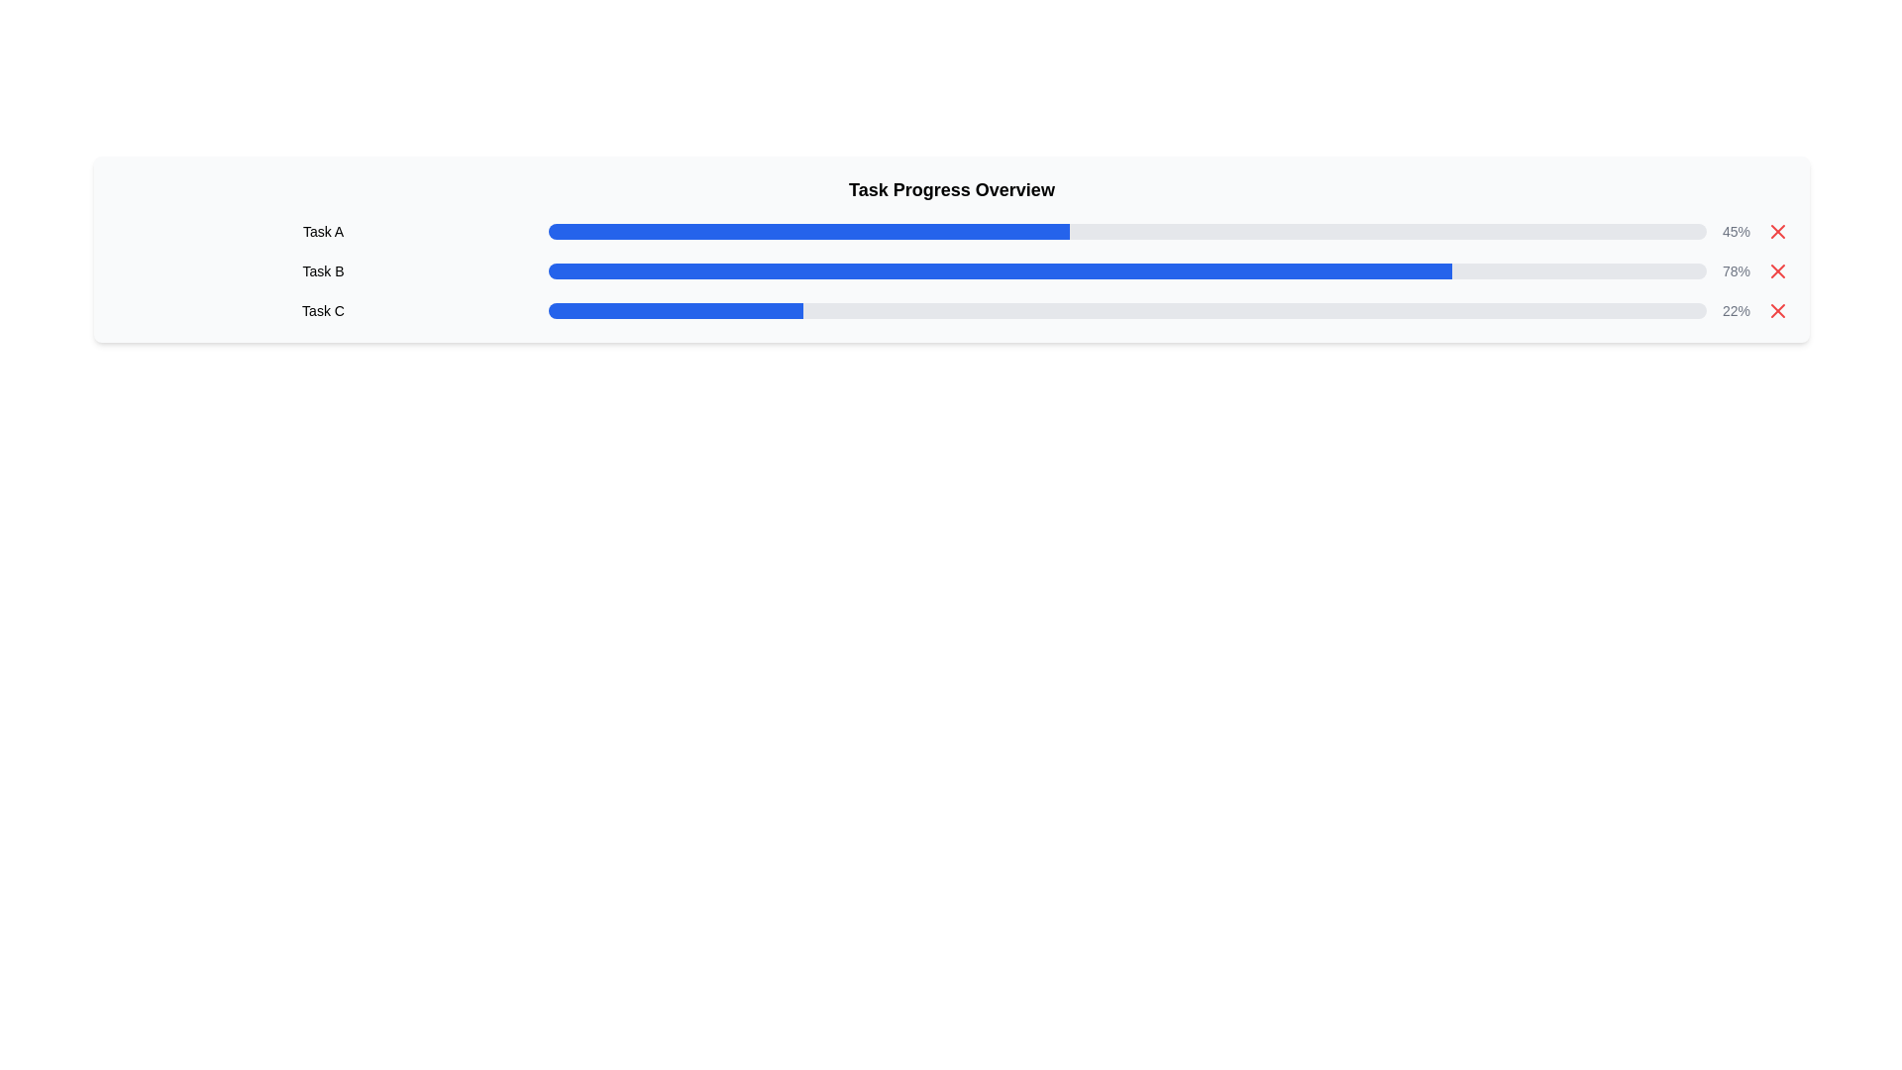  What do you see at coordinates (323, 231) in the screenshot?
I see `text from the Text Label that serves as the title or label identifying a specific task, positioned at the left side of the horizontal row layout, before the progress bar and percentage indicators` at bounding box center [323, 231].